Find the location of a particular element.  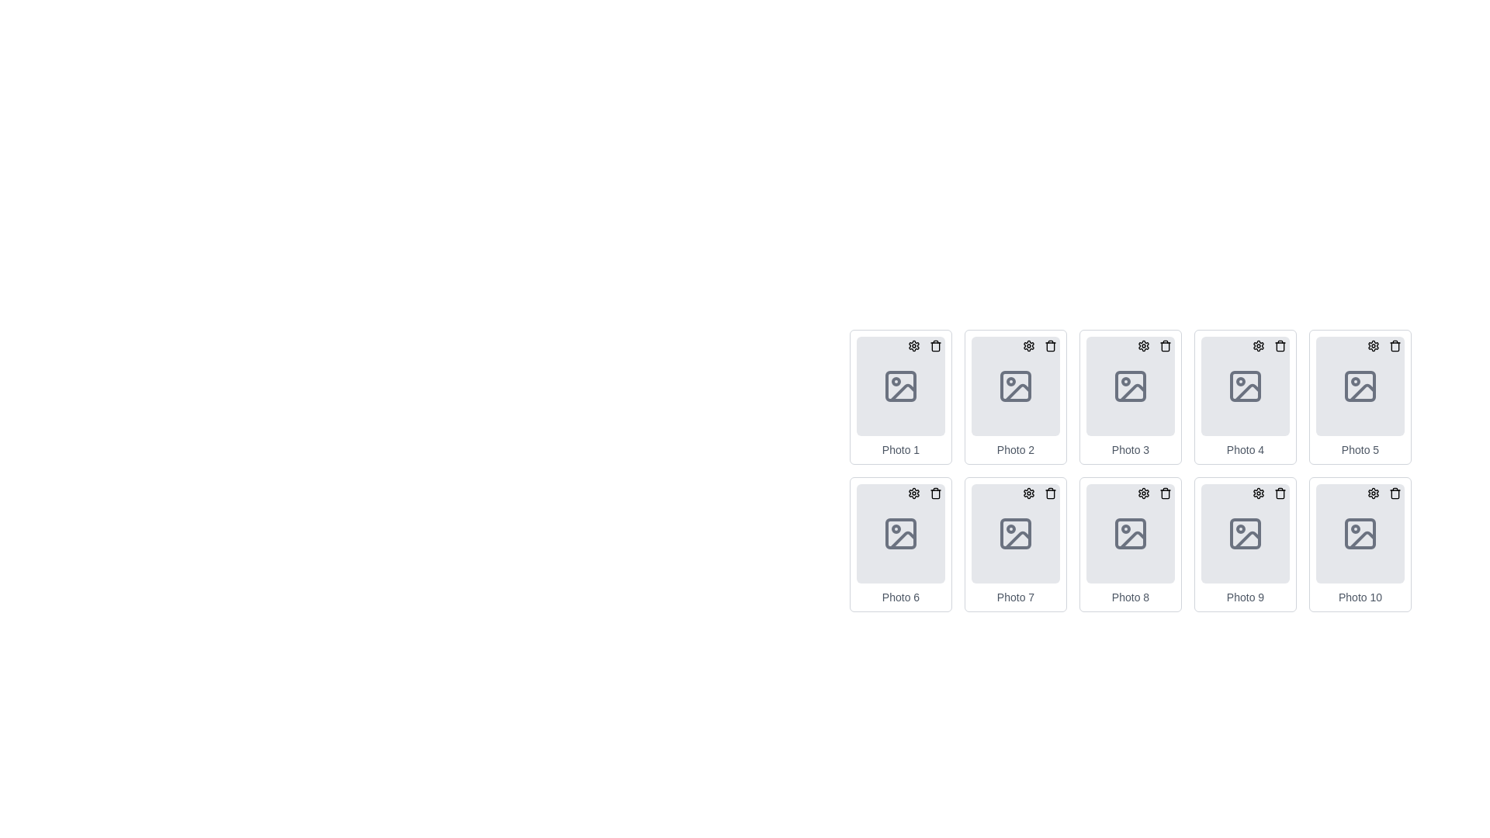

the small circular button with a gear icon located in the top-right corner of the third image card is located at coordinates (1143, 345).